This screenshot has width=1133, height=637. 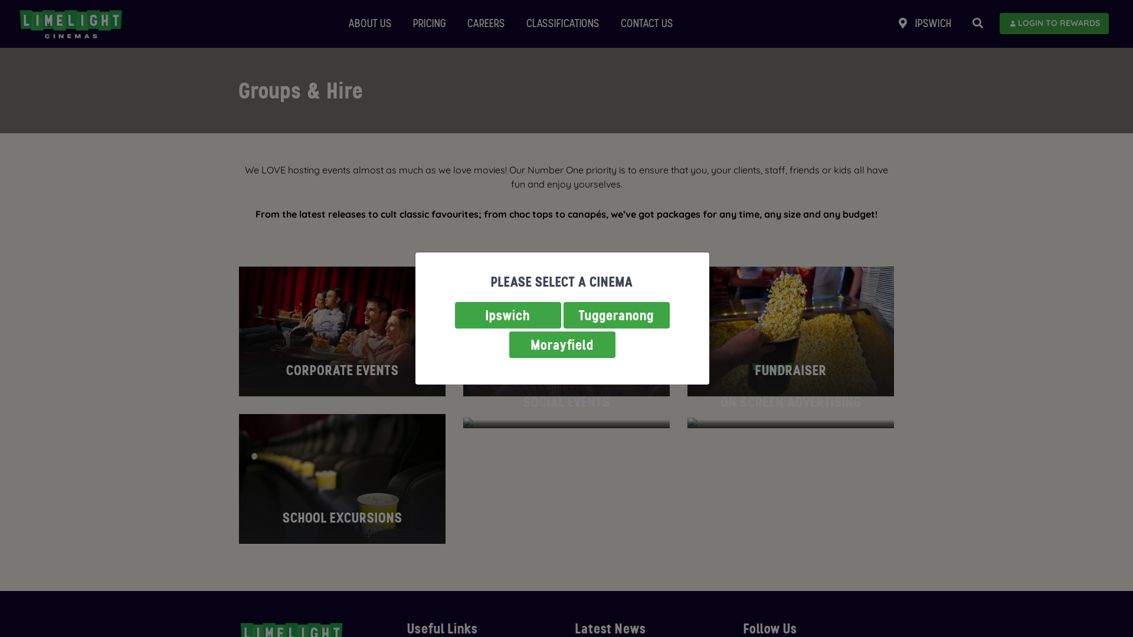 What do you see at coordinates (342, 331) in the screenshot?
I see `'CORPORATE EVENTS'` at bounding box center [342, 331].